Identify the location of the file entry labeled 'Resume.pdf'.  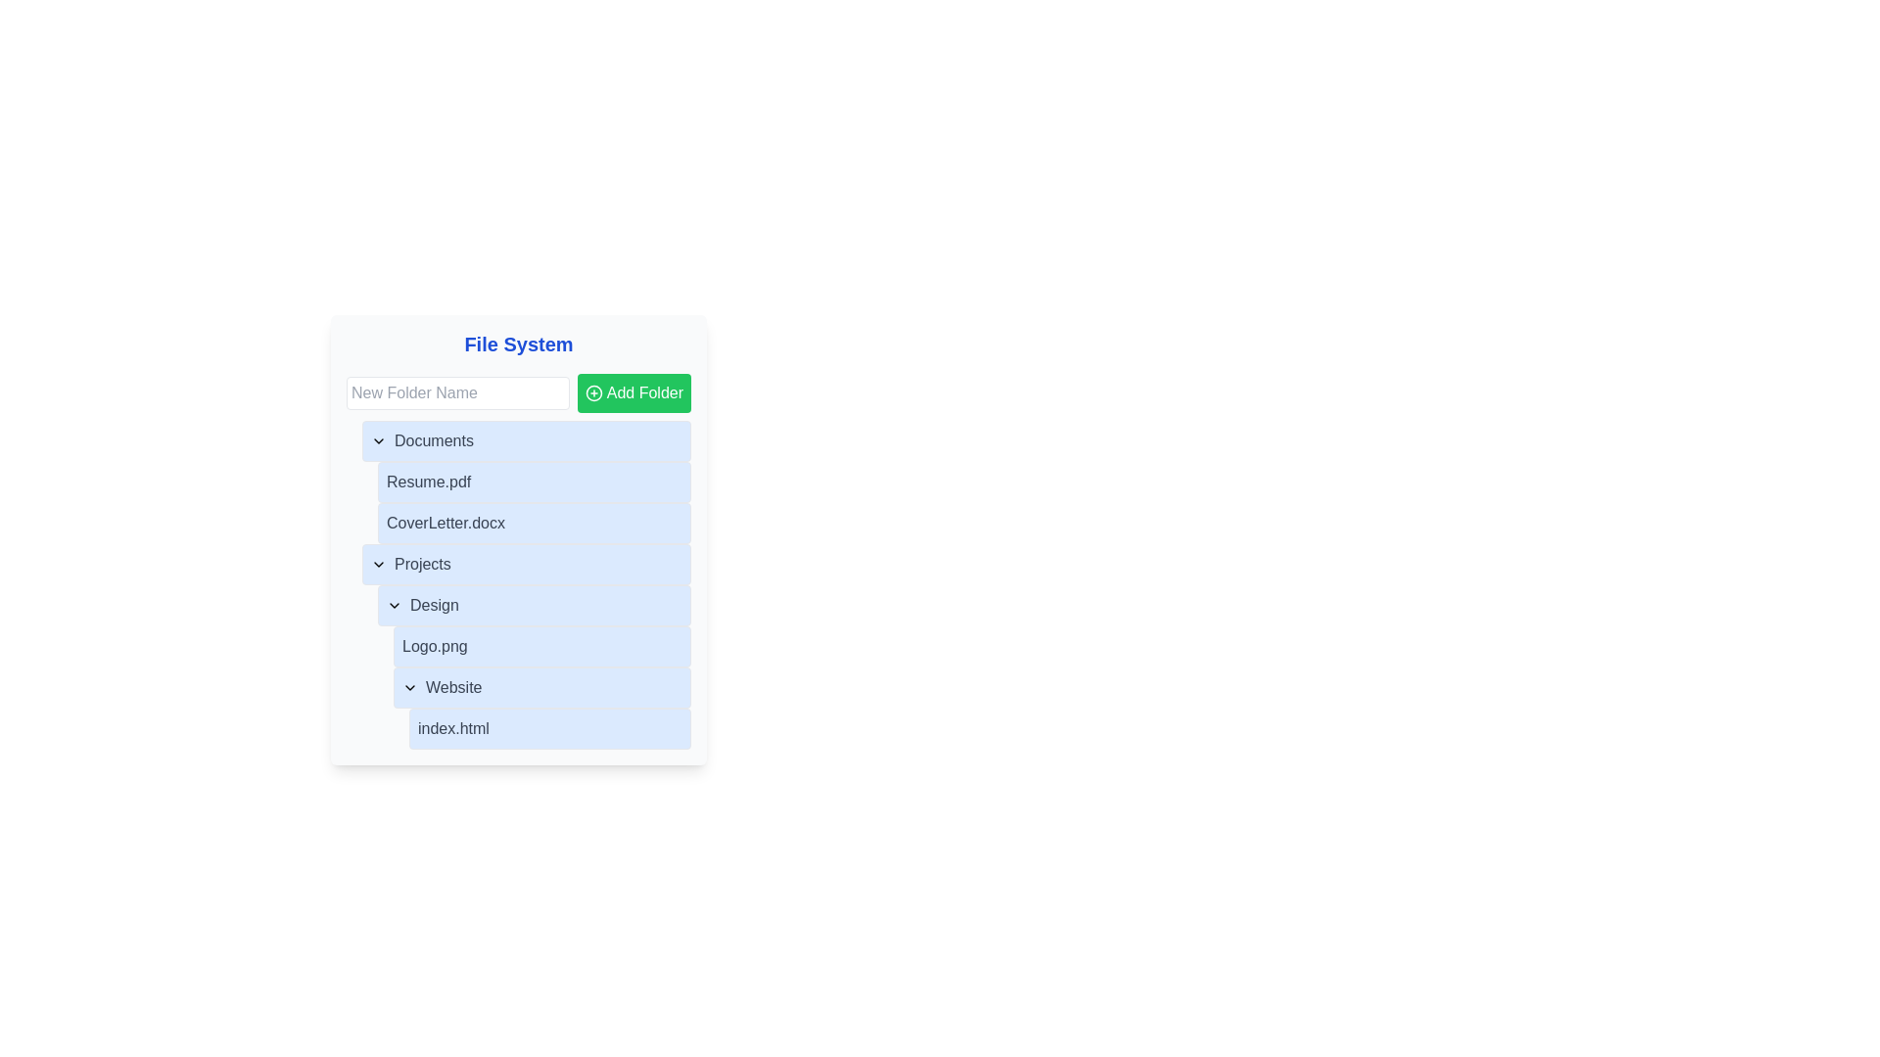
(535, 483).